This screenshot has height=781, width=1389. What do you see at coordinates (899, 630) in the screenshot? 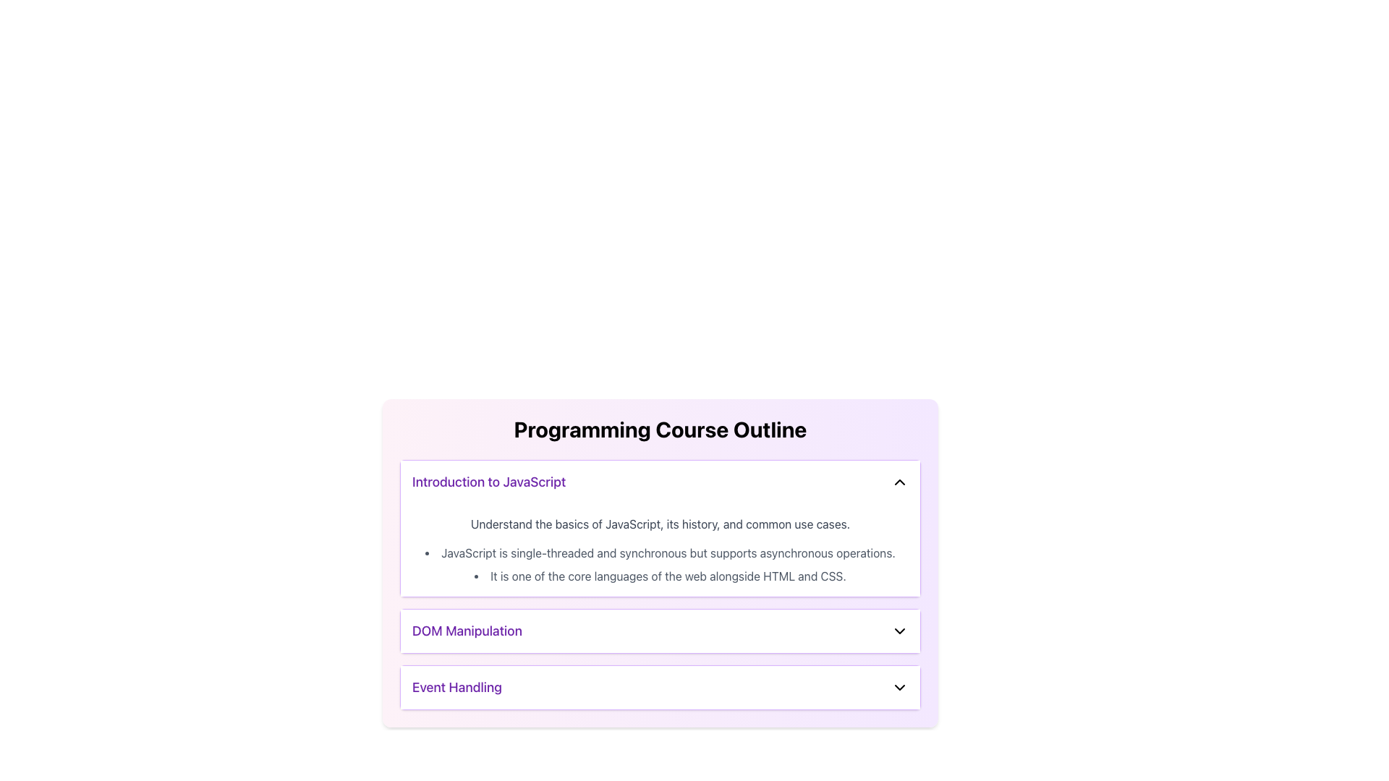
I see `the downward-facing chevron icon located at the far-right edge of the 'DOM Manipulation' section` at bounding box center [899, 630].